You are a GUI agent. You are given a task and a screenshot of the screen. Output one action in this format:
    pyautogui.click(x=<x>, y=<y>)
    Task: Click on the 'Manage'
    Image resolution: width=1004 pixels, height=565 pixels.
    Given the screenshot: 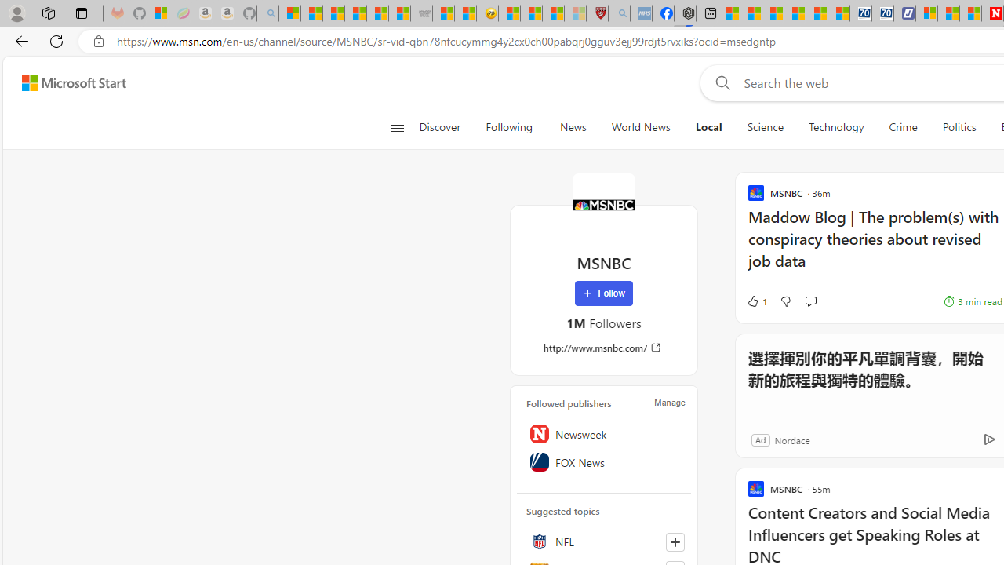 What is the action you would take?
    pyautogui.click(x=670, y=402)
    